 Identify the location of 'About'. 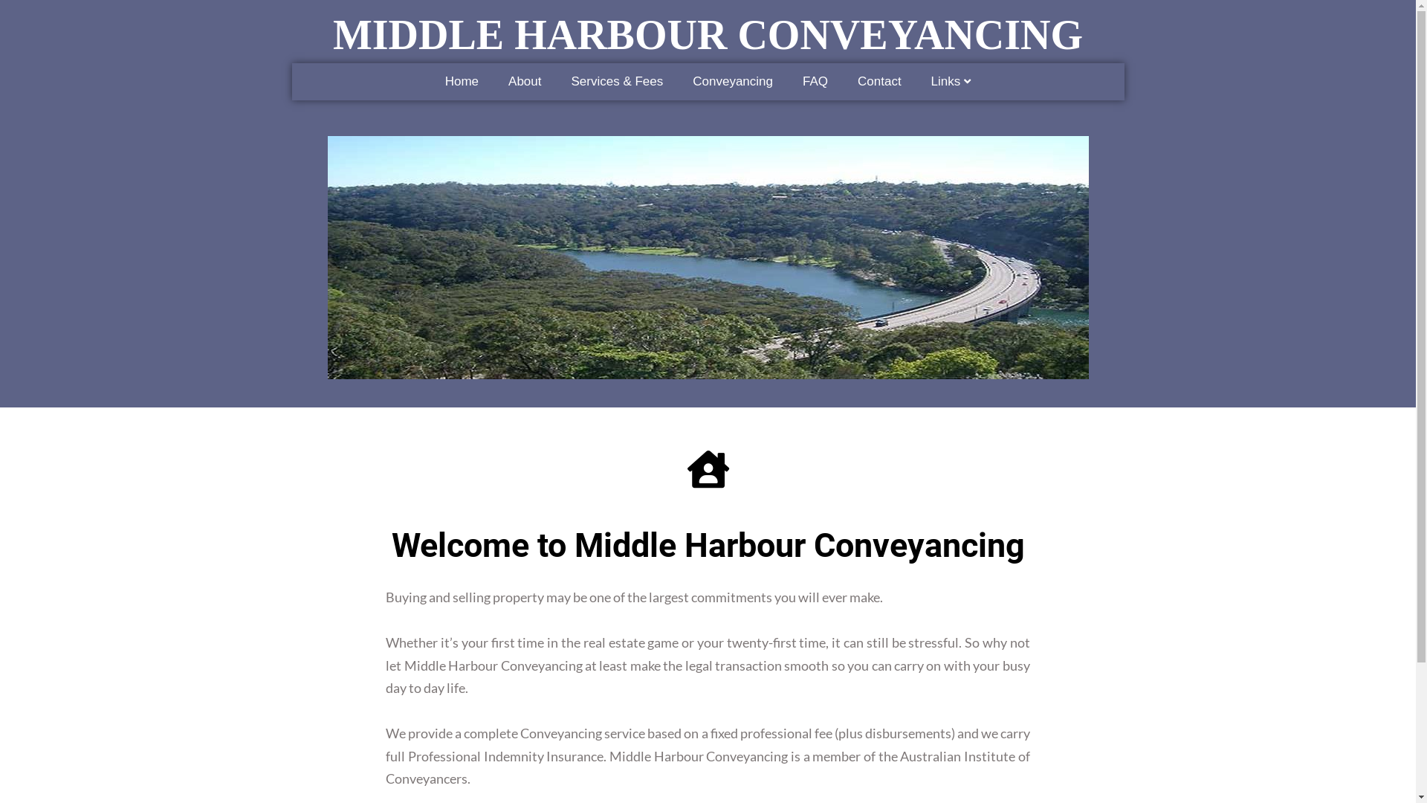
(524, 82).